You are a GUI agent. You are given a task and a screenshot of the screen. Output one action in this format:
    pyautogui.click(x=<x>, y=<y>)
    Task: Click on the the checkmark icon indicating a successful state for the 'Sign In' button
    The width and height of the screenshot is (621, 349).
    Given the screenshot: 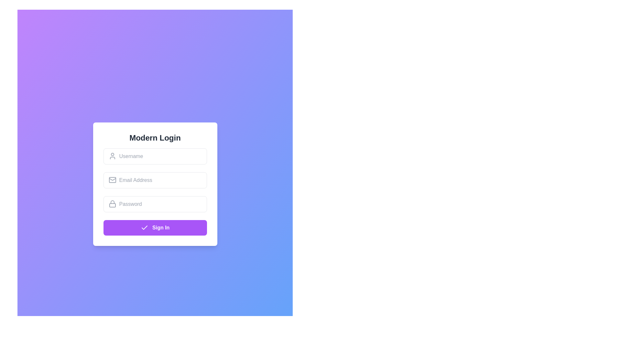 What is the action you would take?
    pyautogui.click(x=144, y=227)
    